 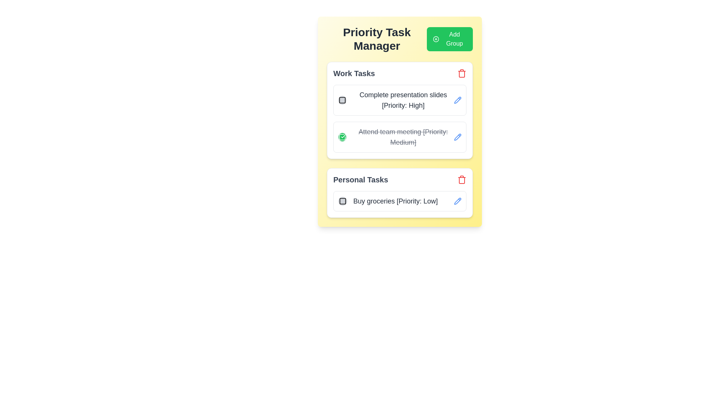 I want to click on the delete button icon located in the upper-right corner of the 'Personal Tasks' section, so click(x=461, y=180).